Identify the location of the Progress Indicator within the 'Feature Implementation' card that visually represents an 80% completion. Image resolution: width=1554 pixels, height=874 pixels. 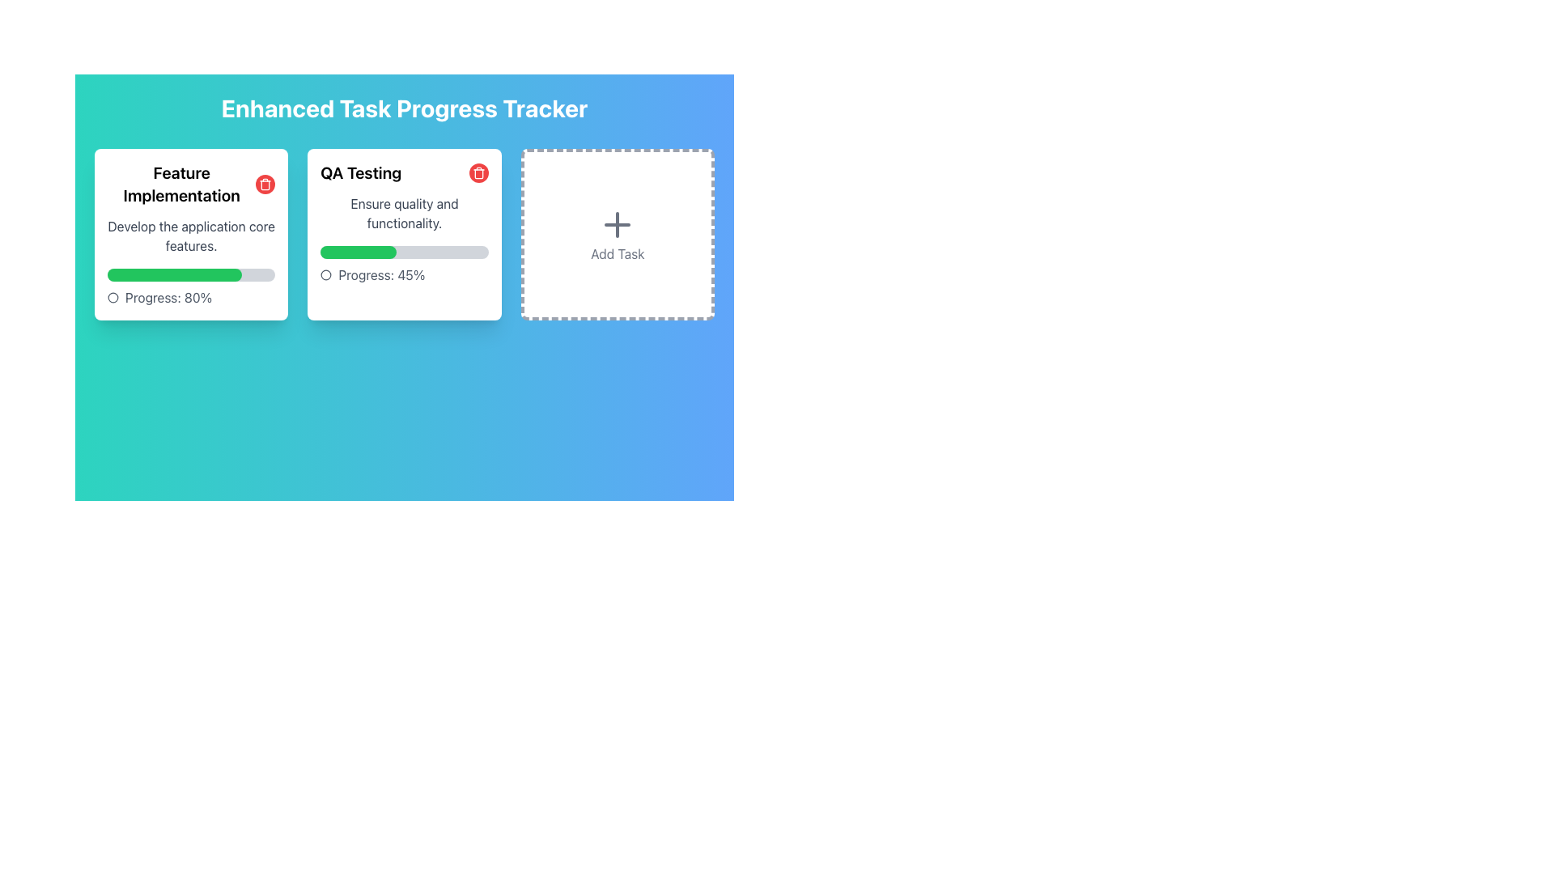
(175, 274).